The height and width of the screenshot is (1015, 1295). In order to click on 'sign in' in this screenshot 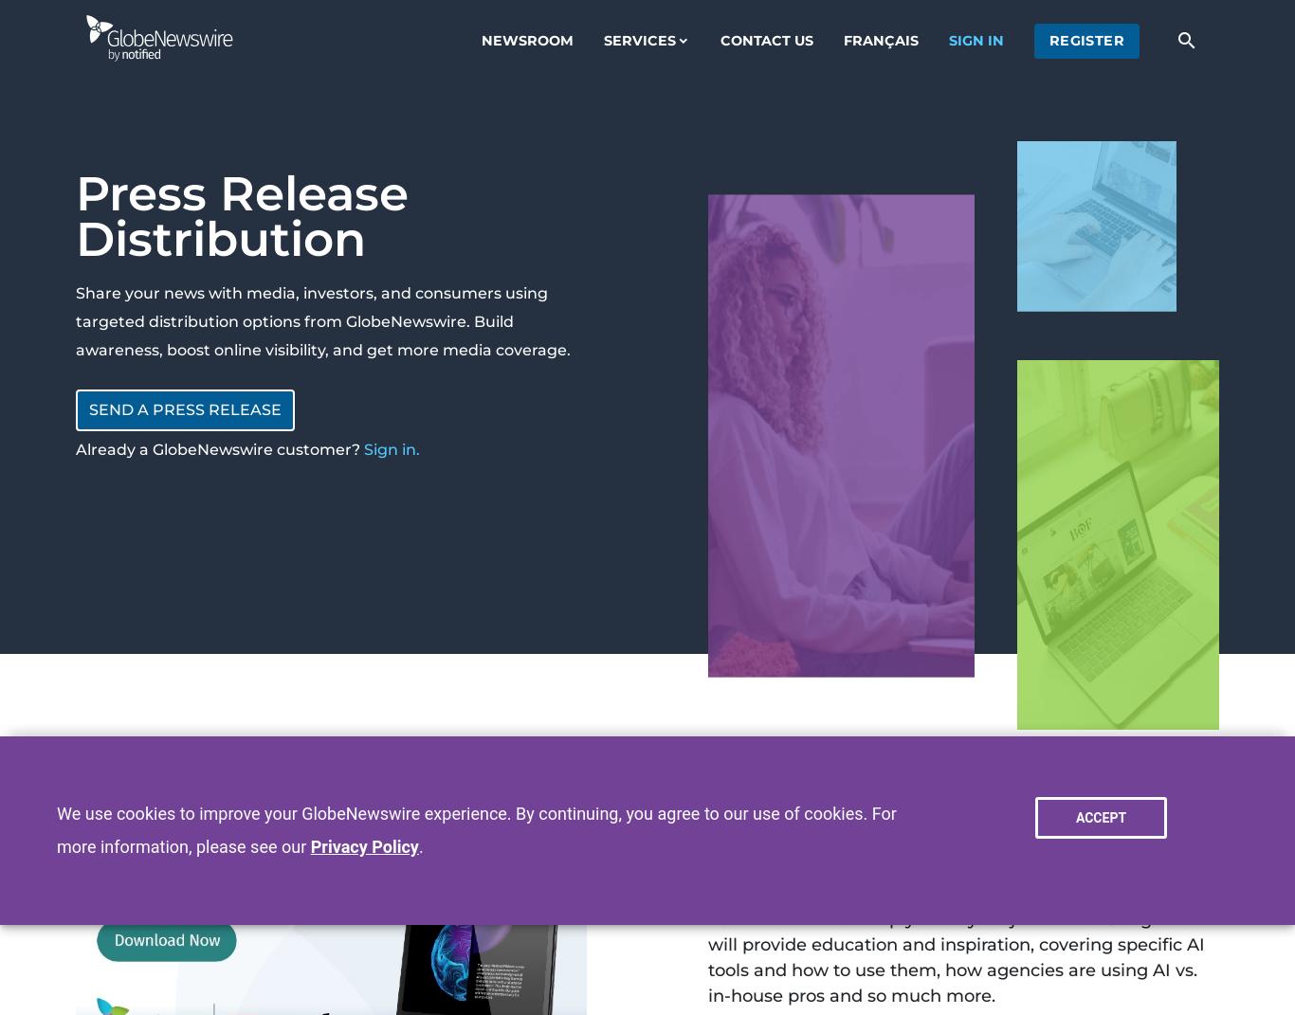, I will do `click(975, 38)`.